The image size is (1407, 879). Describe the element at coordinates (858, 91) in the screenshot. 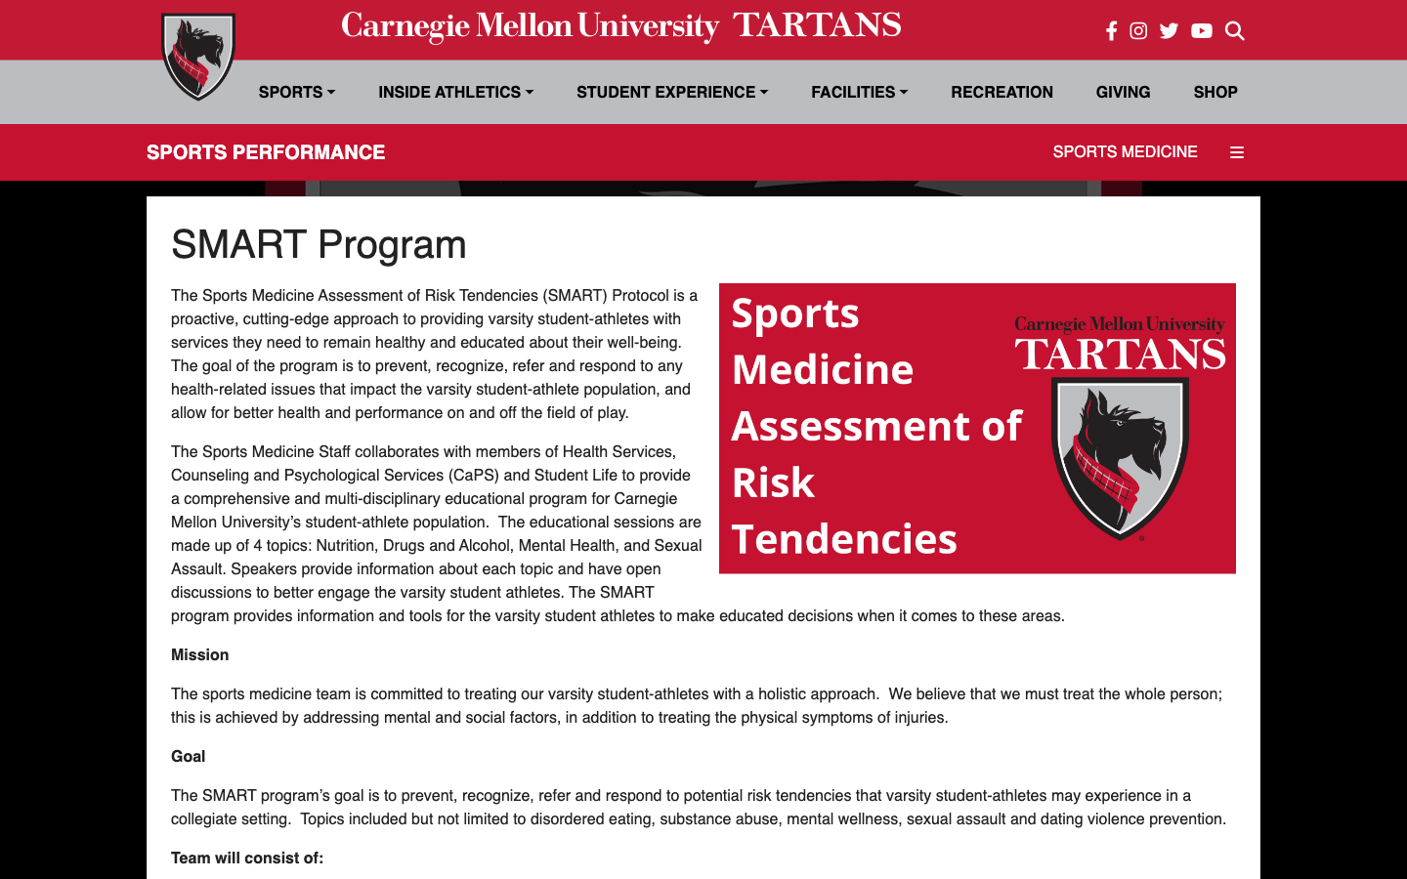

I see `the Facilities Drop Down Menu` at that location.